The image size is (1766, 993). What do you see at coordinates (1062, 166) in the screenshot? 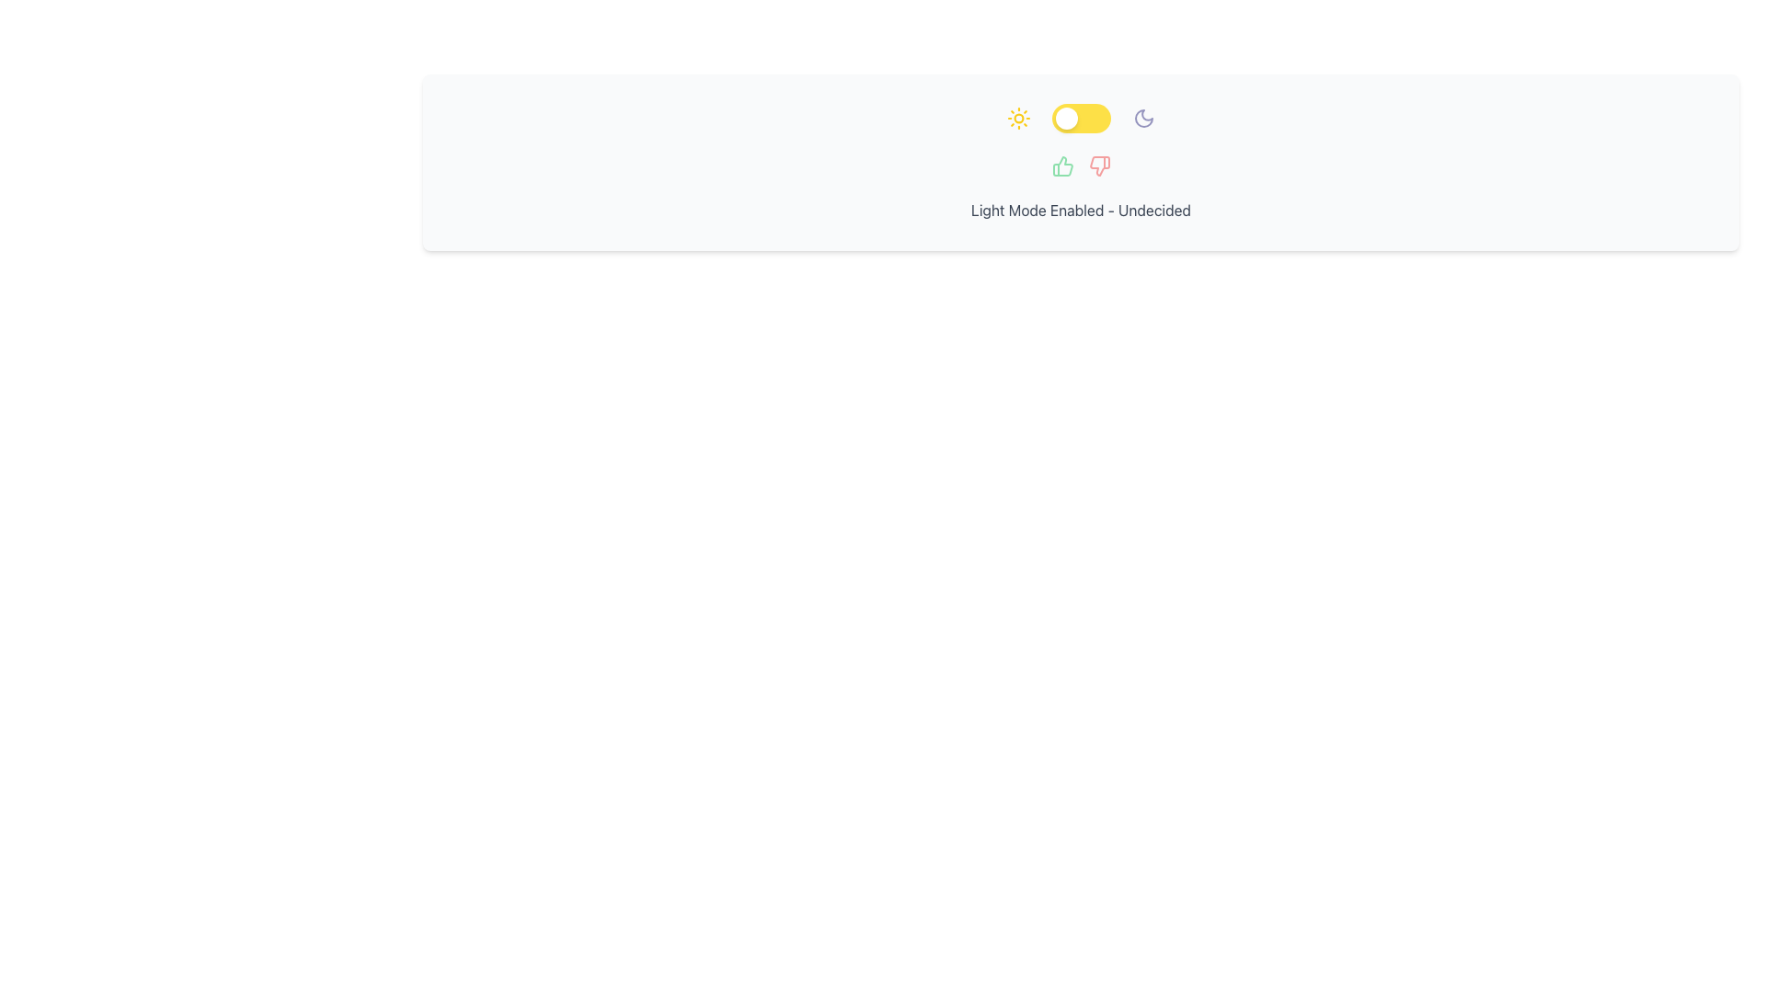
I see `the thumbs-up icon button, which is a translucent green icon located in the horizontal toolbar at the top` at bounding box center [1062, 166].